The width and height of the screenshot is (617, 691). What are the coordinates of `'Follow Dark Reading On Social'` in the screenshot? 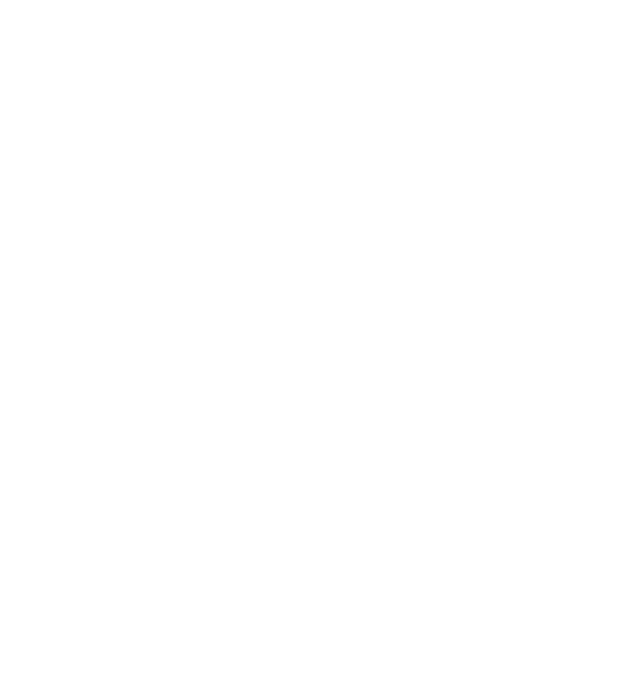 It's located at (229, 546).